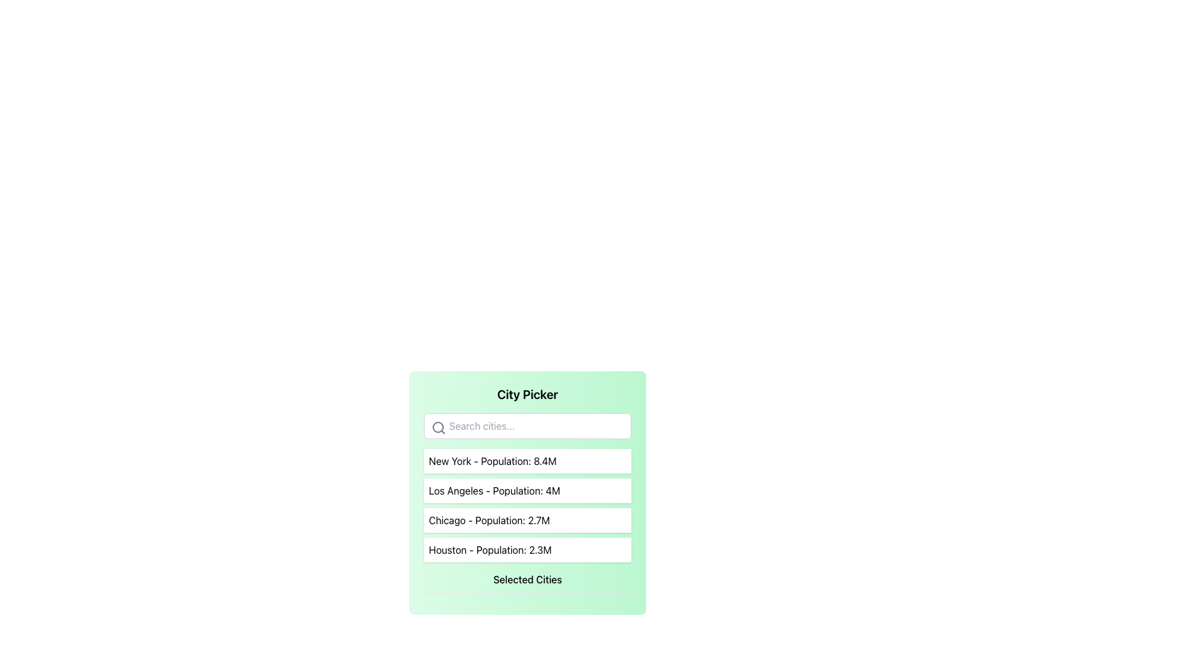 This screenshot has height=666, width=1185. I want to click on the List item displaying 'Chicago - Population: 2.7M', so click(527, 520).